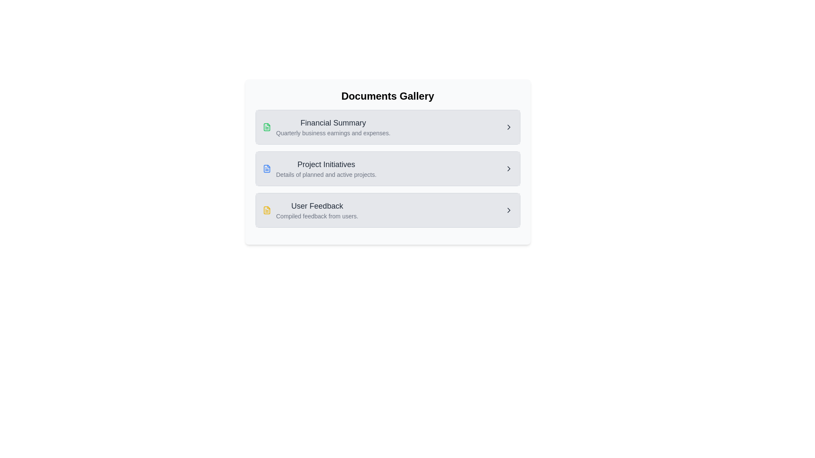  What do you see at coordinates (509, 168) in the screenshot?
I see `the navigational icon located to the right of the 'Project Initiatives' list item, which serves to expand or proceed with related content` at bounding box center [509, 168].